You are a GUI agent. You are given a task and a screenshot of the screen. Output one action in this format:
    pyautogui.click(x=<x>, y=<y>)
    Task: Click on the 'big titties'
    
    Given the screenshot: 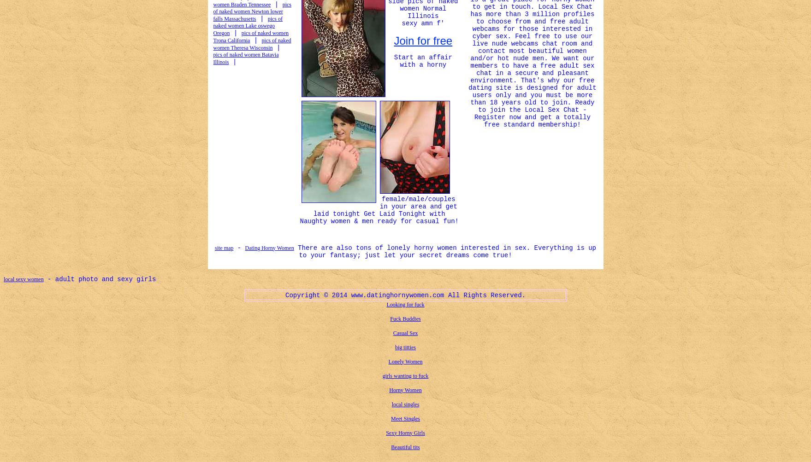 What is the action you would take?
    pyautogui.click(x=405, y=347)
    